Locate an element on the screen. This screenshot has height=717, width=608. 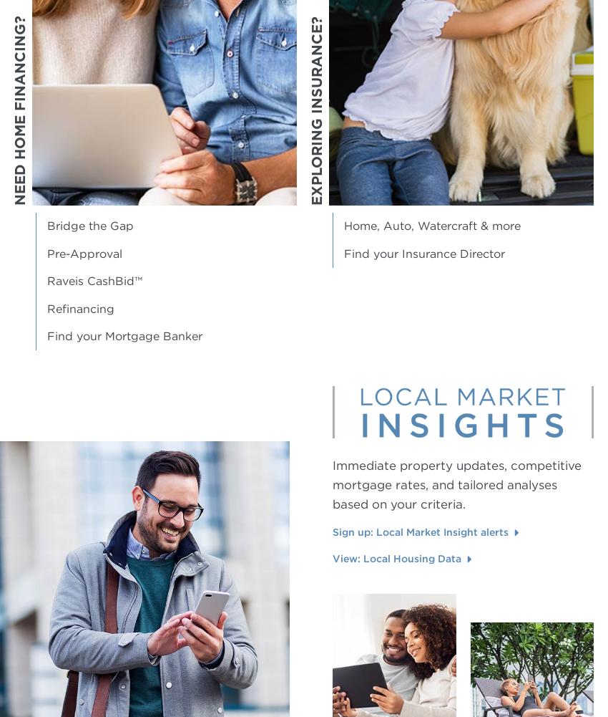
'Refinancing' is located at coordinates (46, 308).